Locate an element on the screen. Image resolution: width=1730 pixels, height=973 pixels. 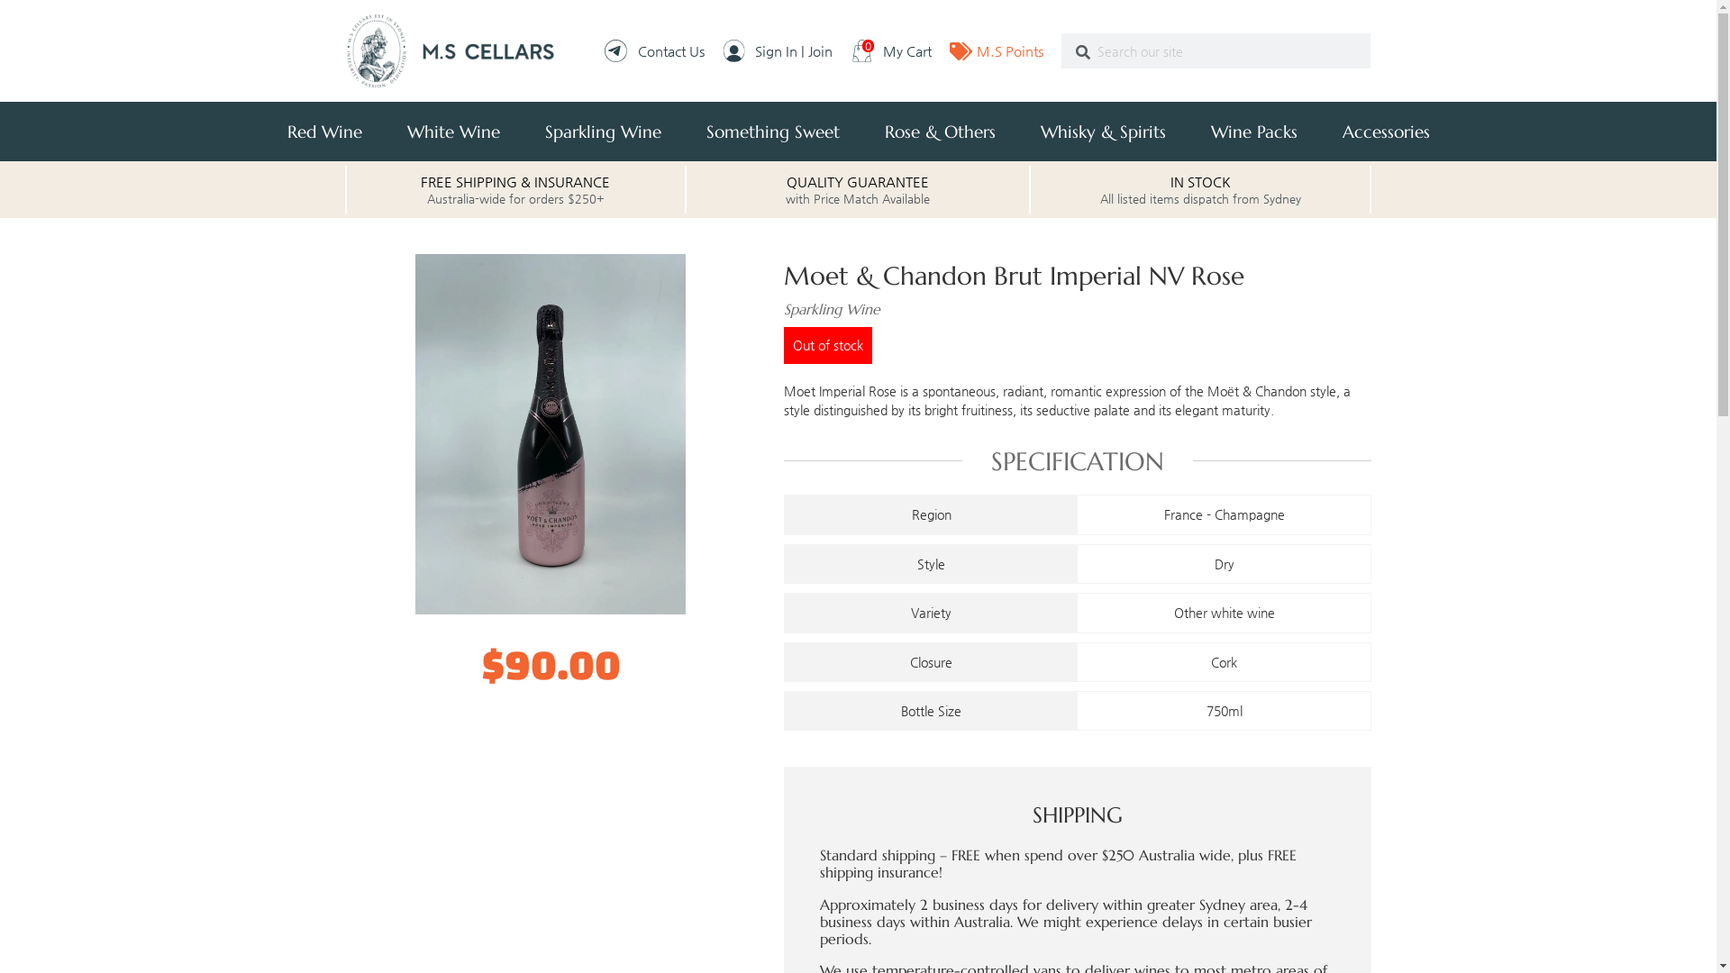
'Something Sweet' is located at coordinates (772, 131).